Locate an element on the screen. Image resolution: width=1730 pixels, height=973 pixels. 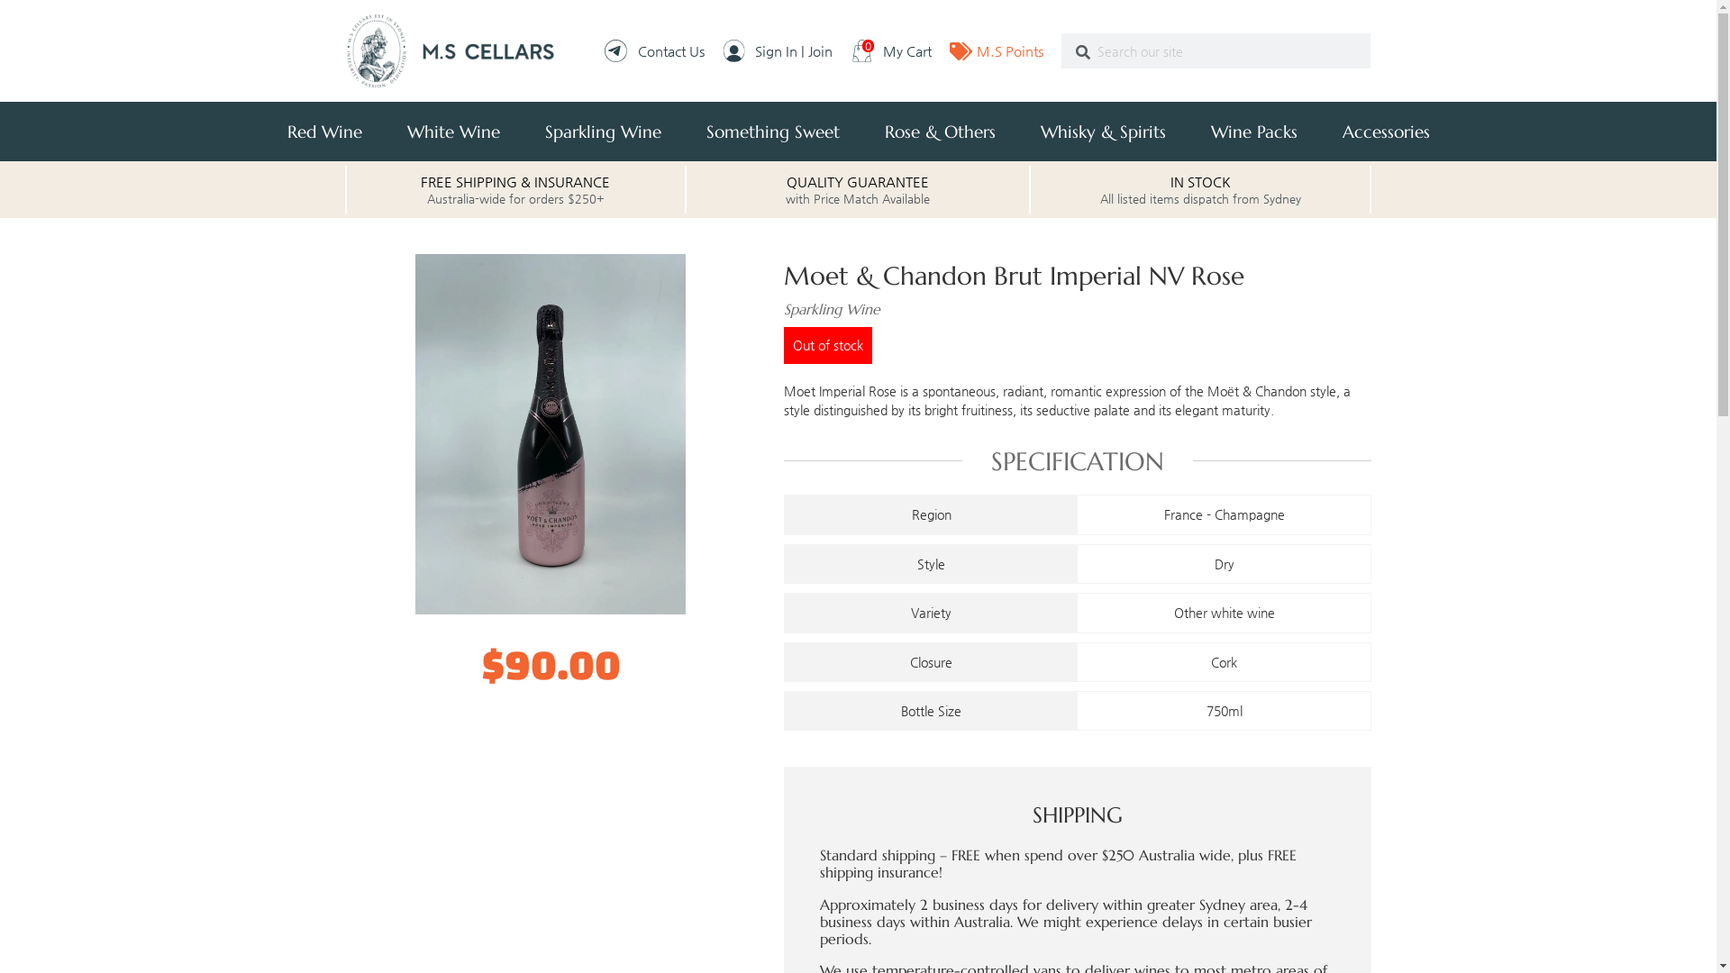
'Something Sweet' is located at coordinates (772, 131).